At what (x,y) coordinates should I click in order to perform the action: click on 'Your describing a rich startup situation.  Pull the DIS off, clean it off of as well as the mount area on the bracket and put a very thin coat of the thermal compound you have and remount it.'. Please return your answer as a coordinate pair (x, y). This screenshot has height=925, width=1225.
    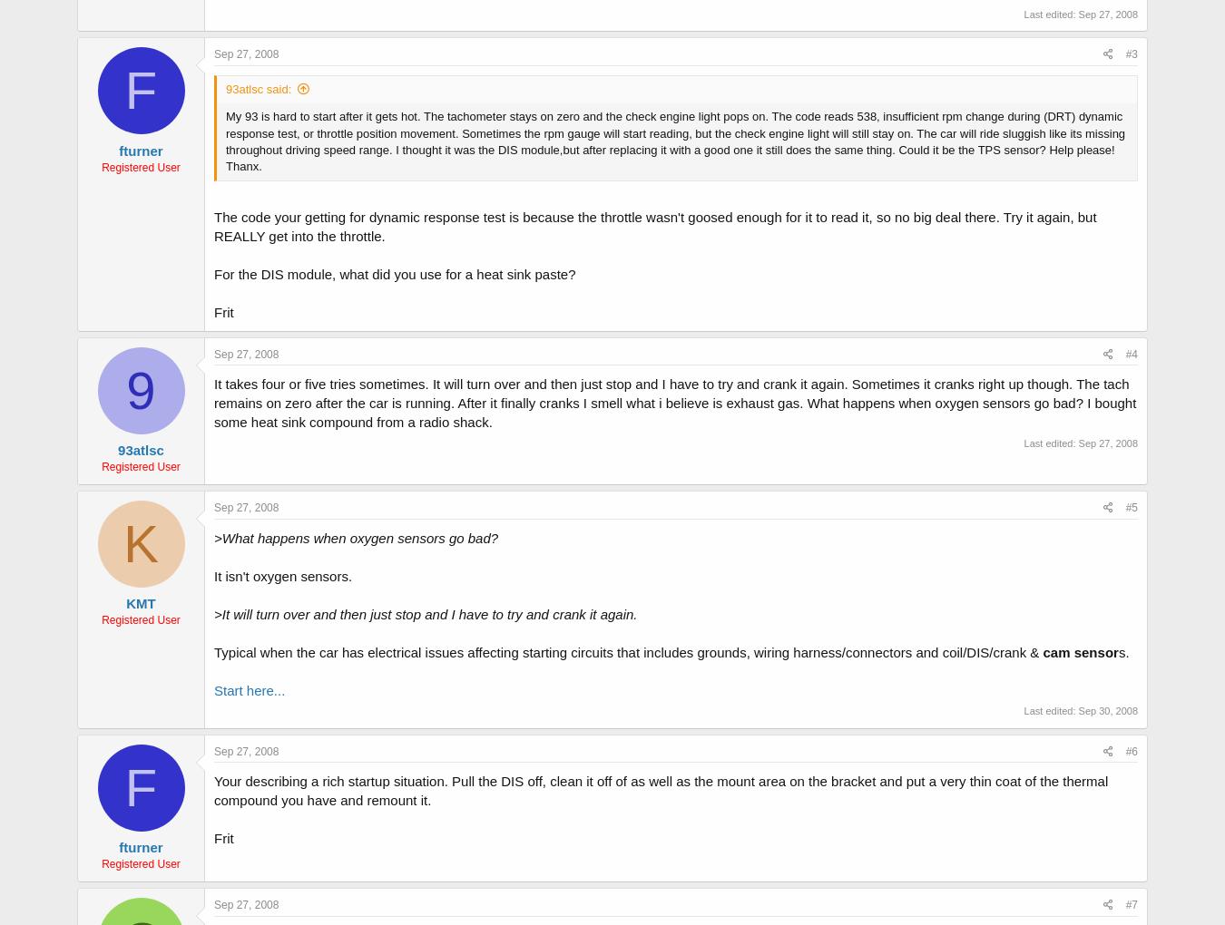
    Looking at the image, I should click on (212, 789).